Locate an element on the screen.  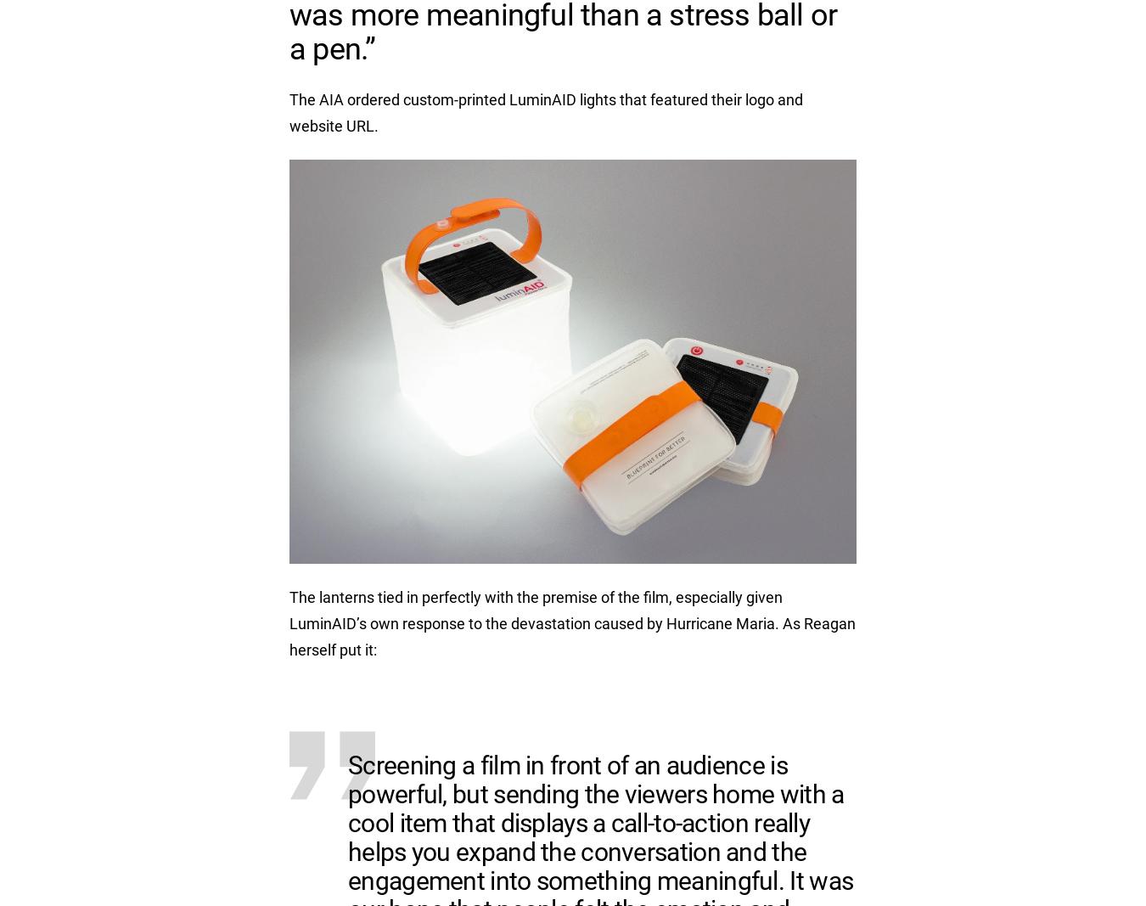
'Slovenia (EUR €)' is located at coordinates (830, 239).